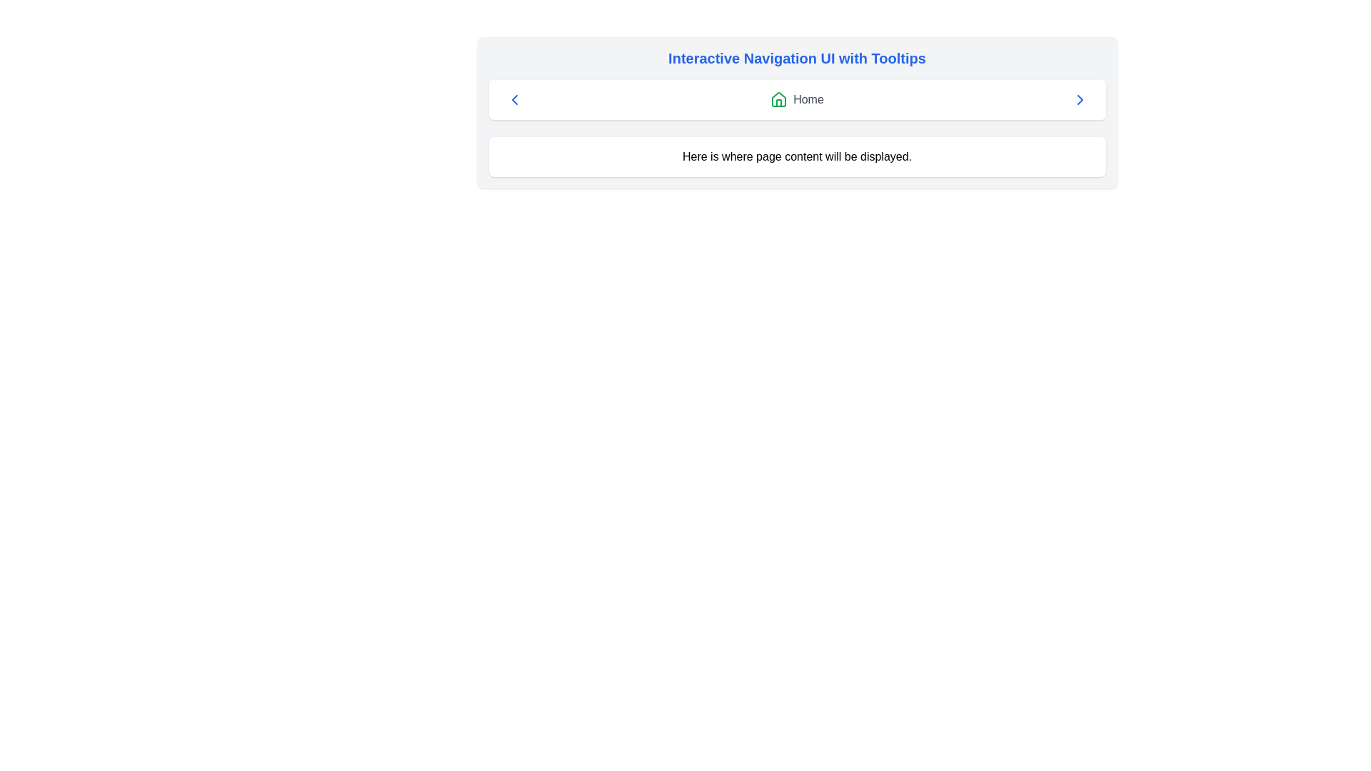  I want to click on the left-pointing chevron icon with a blue outline located in the navigation section at the top of the interface, so click(514, 99).